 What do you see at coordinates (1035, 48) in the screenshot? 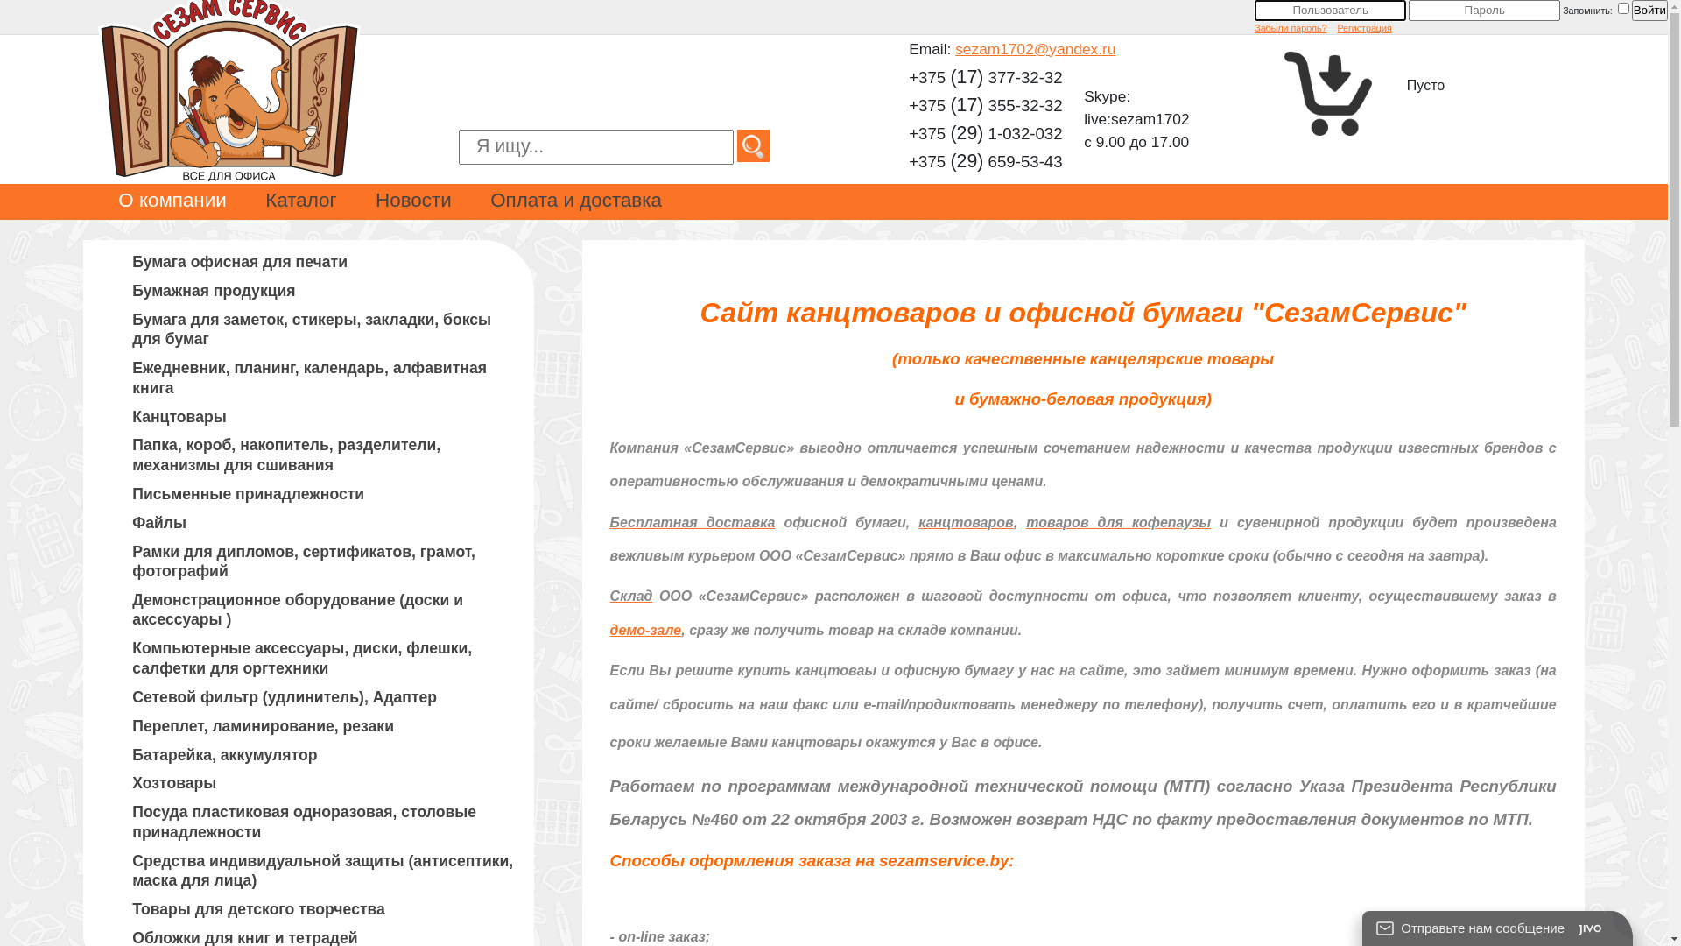
I see `'sezam1702@yandex.ru'` at bounding box center [1035, 48].